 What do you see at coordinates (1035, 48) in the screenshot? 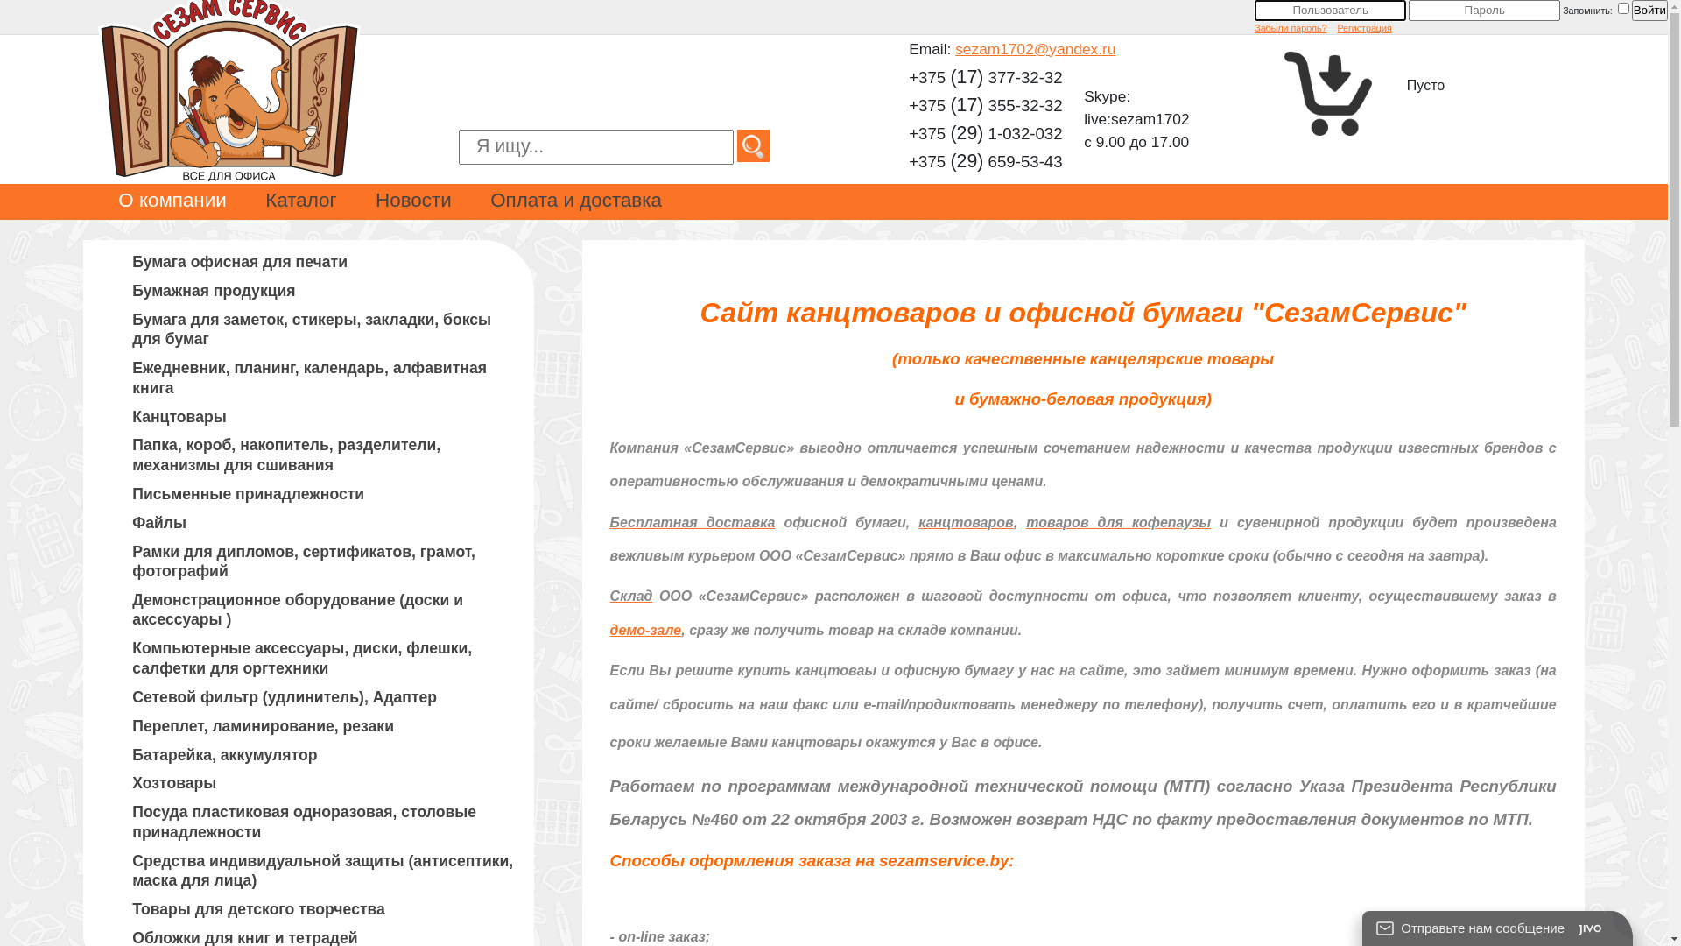
I see `'sezam1702@yandex.ru'` at bounding box center [1035, 48].